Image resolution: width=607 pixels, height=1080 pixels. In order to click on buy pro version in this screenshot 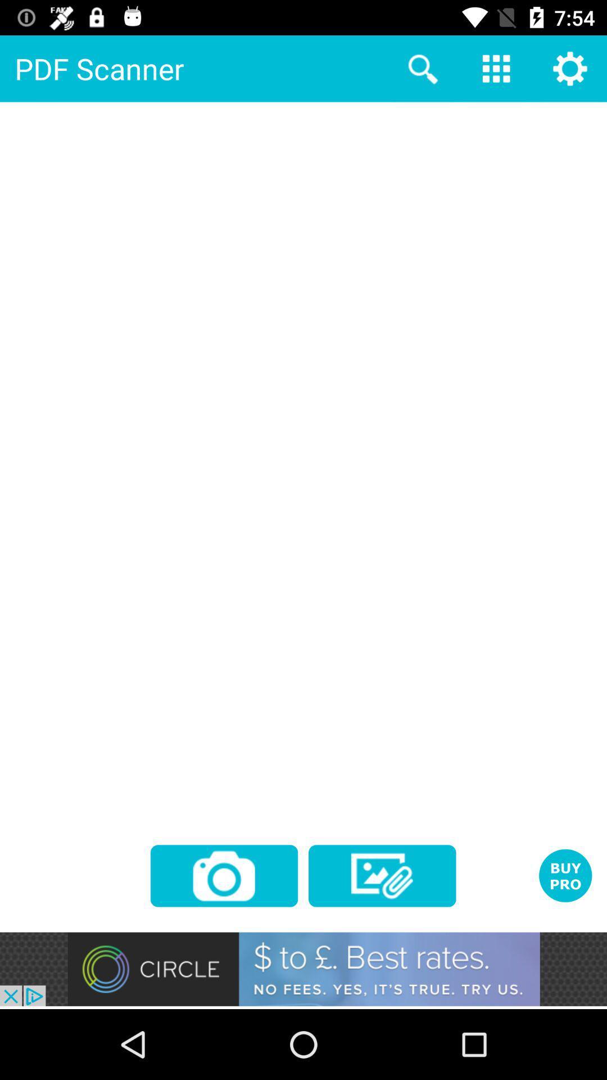, I will do `click(565, 875)`.